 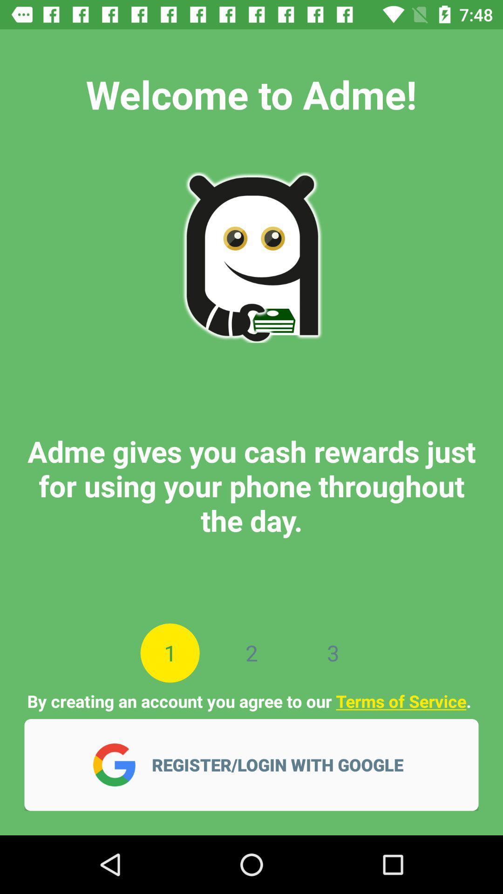 I want to click on 3 app, so click(x=333, y=652).